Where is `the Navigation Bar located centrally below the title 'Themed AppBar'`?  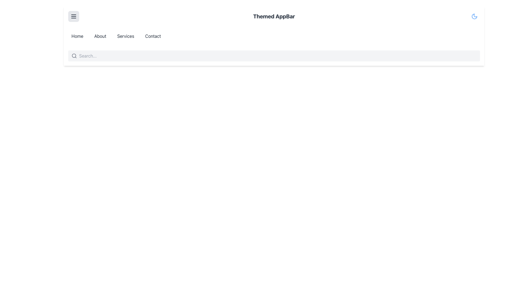
the Navigation Bar located centrally below the title 'Themed AppBar' is located at coordinates (274, 36).